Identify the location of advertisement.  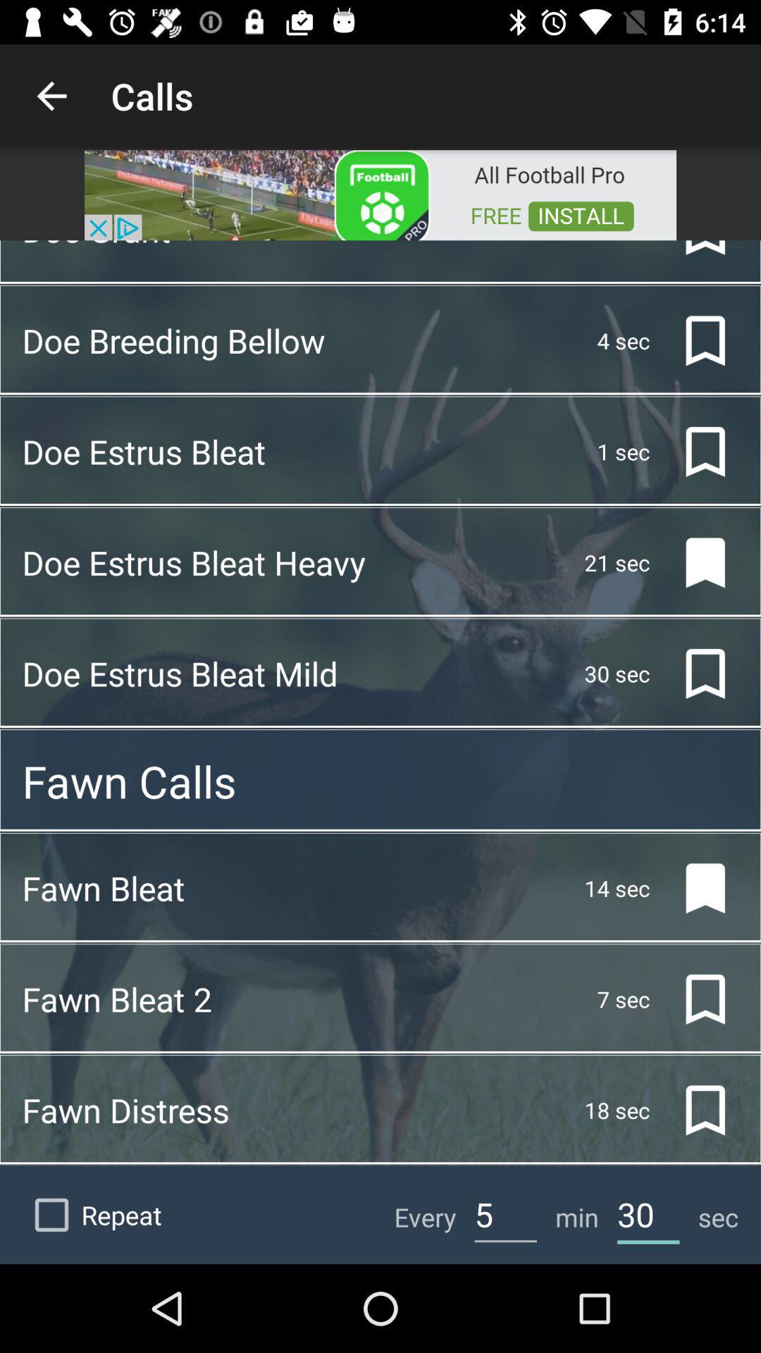
(380, 193).